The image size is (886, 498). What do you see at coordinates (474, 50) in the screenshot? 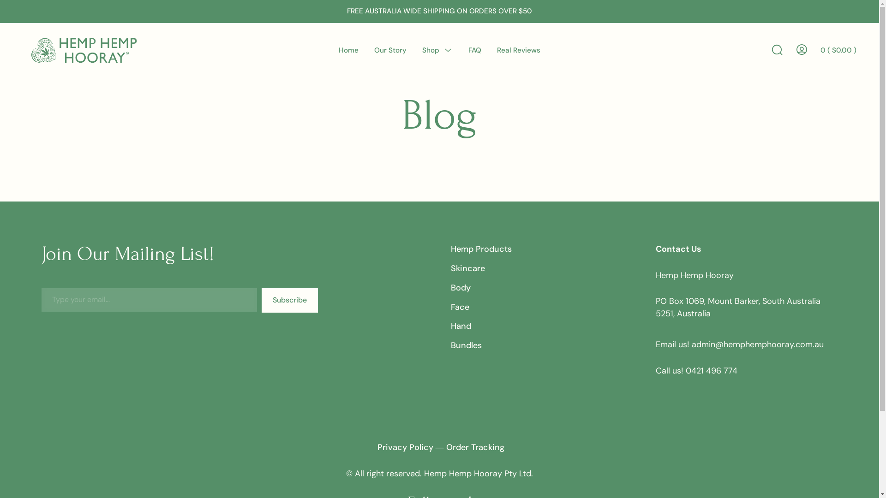
I see `'FAQ'` at bounding box center [474, 50].